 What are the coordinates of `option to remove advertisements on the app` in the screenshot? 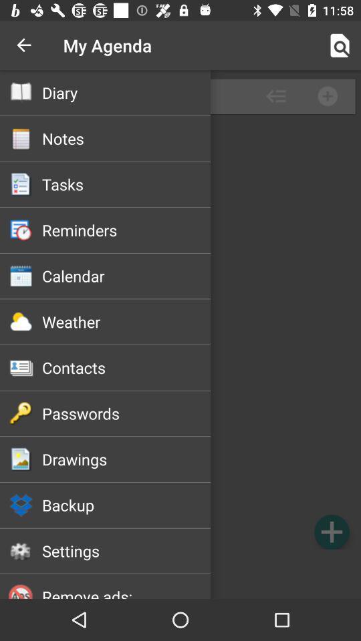 It's located at (180, 575).